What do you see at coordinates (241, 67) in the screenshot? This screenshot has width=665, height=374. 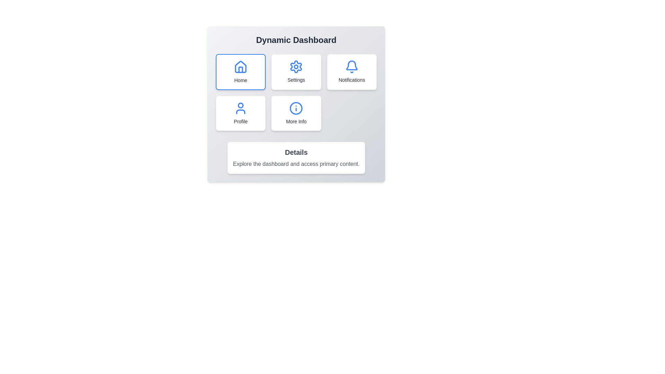 I see `the 'Home' icon tile located in the top-left position of the grid under the 'Dynamic Dashboard' title` at bounding box center [241, 67].